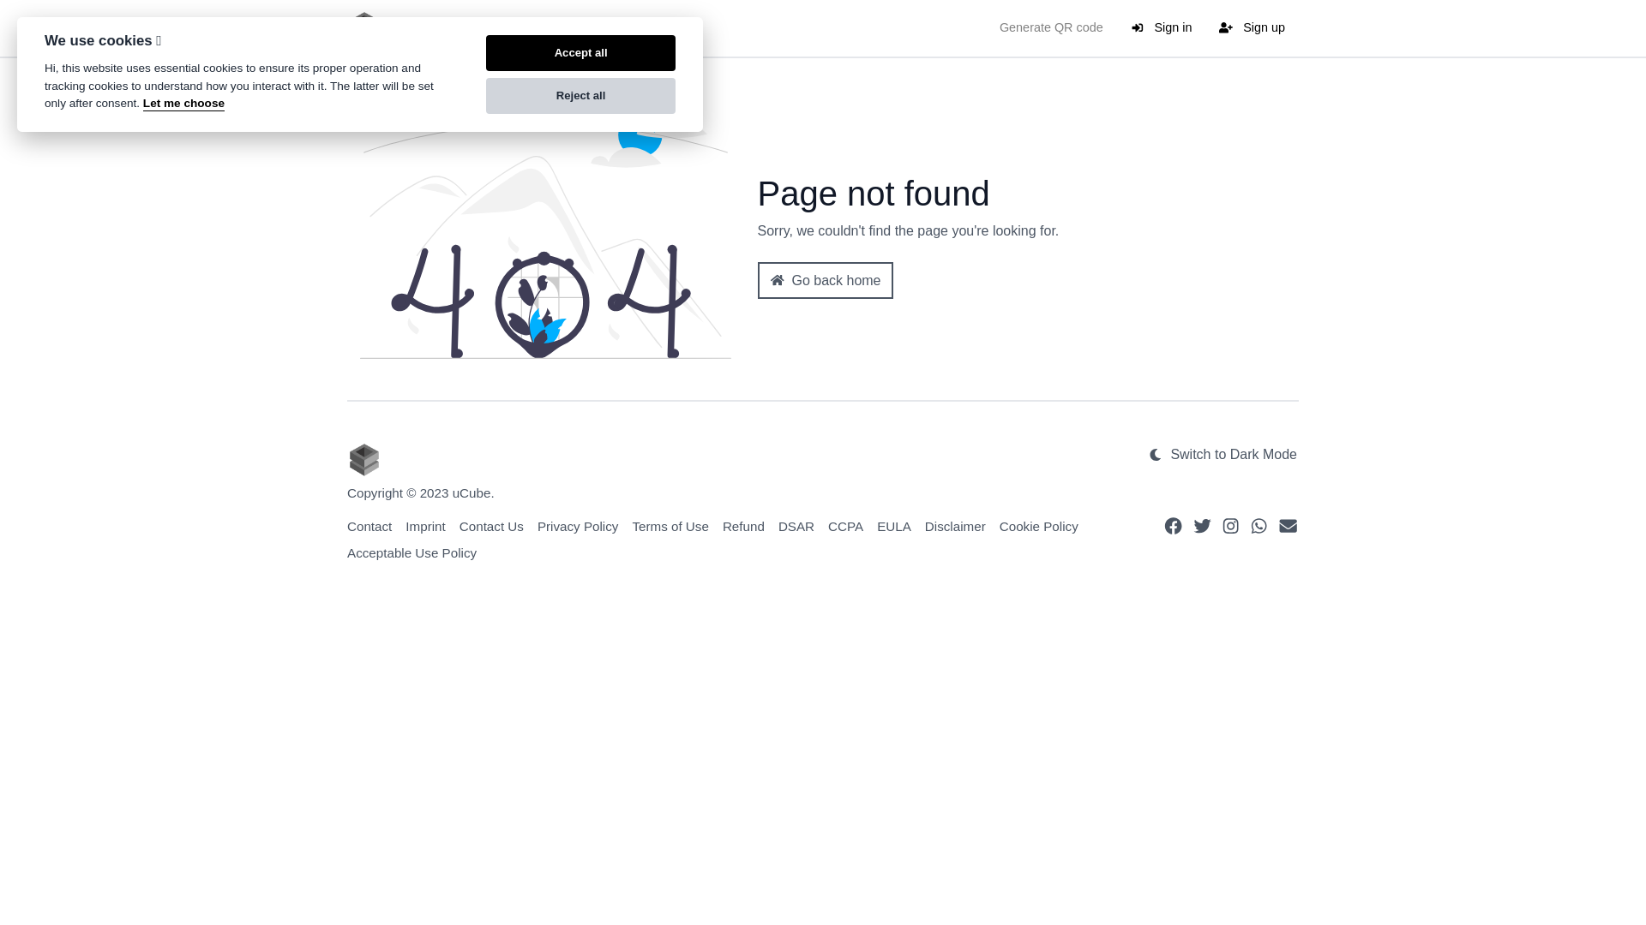 The width and height of the screenshot is (1646, 925). I want to click on 'Privacy Policy', so click(578, 525).